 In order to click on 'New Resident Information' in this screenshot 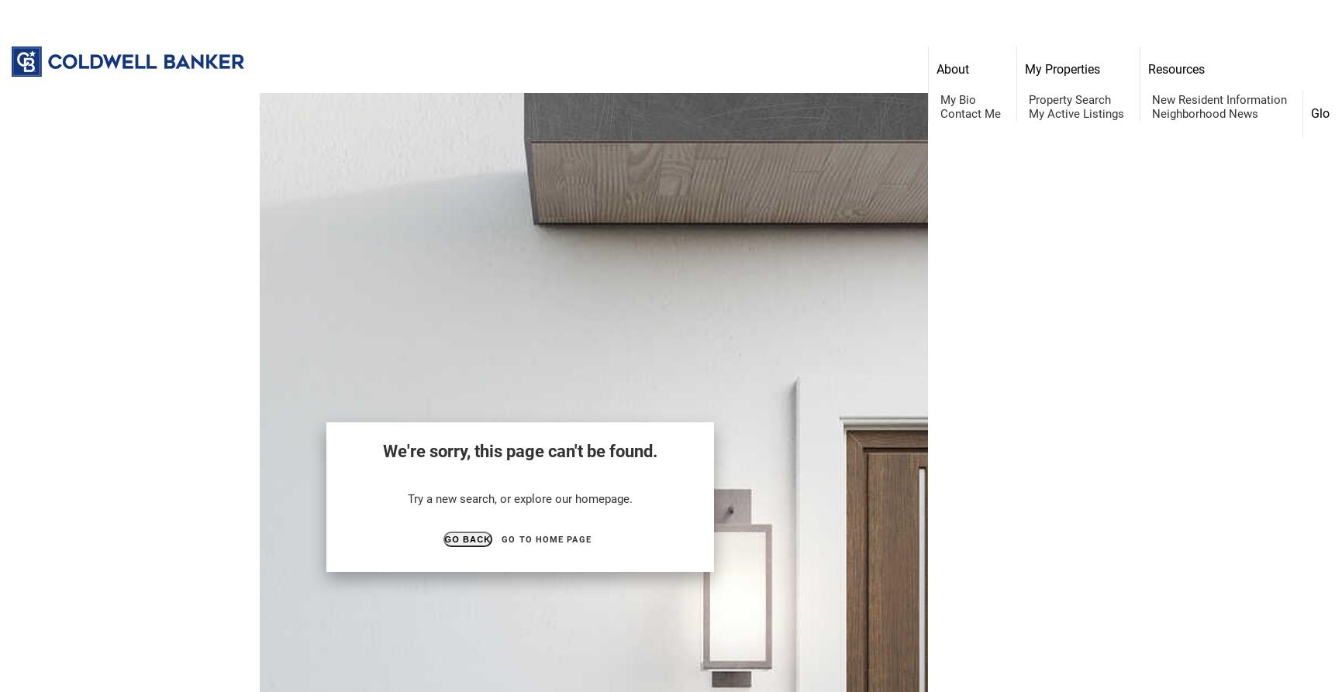, I will do `click(1217, 100)`.